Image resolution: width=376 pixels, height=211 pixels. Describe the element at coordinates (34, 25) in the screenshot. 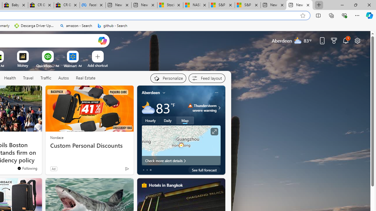

I see `'Descarga Driver Updater'` at that location.